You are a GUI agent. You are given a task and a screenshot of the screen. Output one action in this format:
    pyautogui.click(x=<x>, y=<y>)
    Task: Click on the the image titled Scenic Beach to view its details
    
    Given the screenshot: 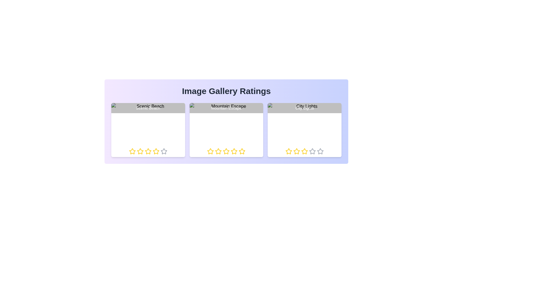 What is the action you would take?
    pyautogui.click(x=148, y=130)
    